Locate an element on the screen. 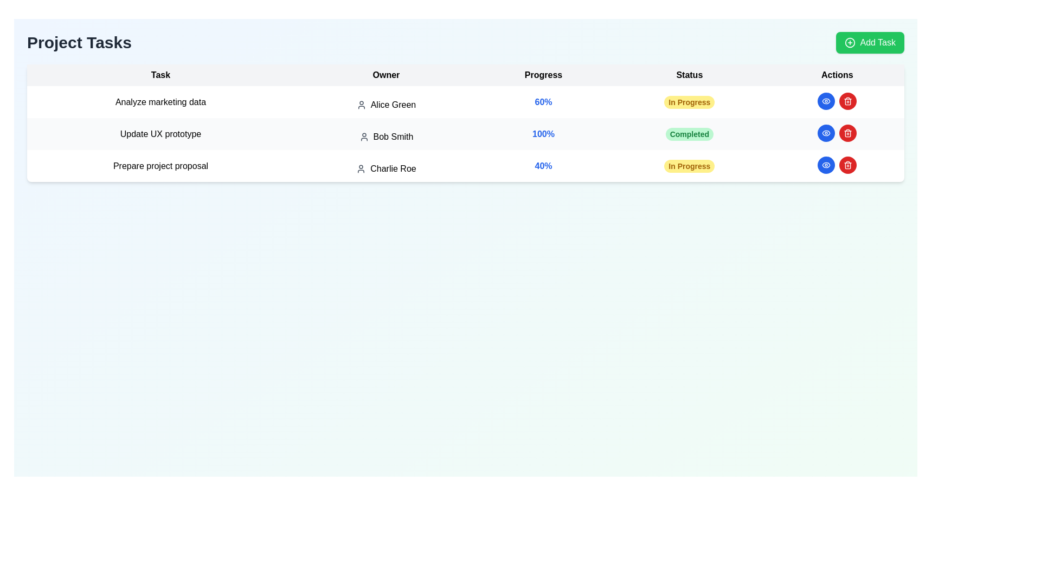  the 'Owner' header text label, which indicates the corresponding data in the rows below belongs to the 'Owner' category, positioned between the 'Task' and 'Progress' headers is located at coordinates (386, 74).